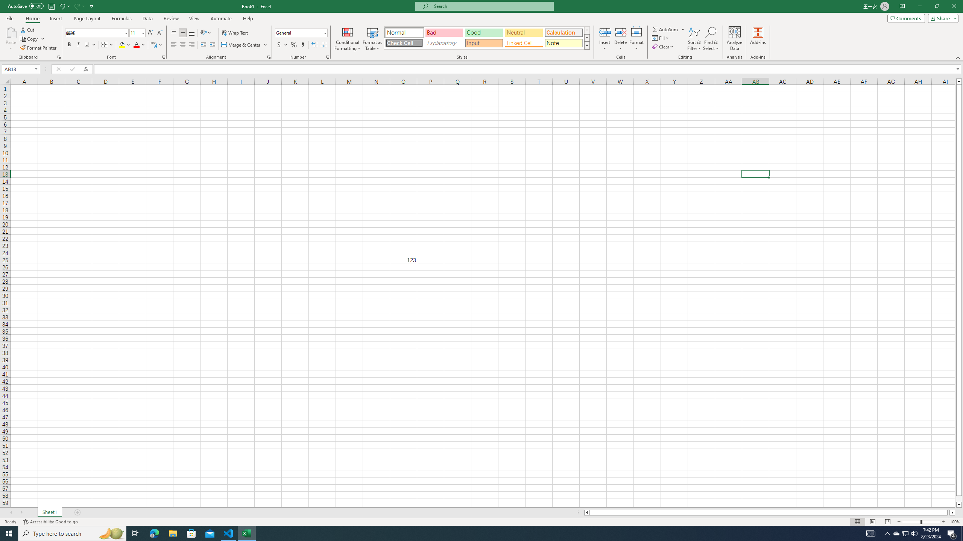 The image size is (963, 541). What do you see at coordinates (97, 33) in the screenshot?
I see `'Font'` at bounding box center [97, 33].